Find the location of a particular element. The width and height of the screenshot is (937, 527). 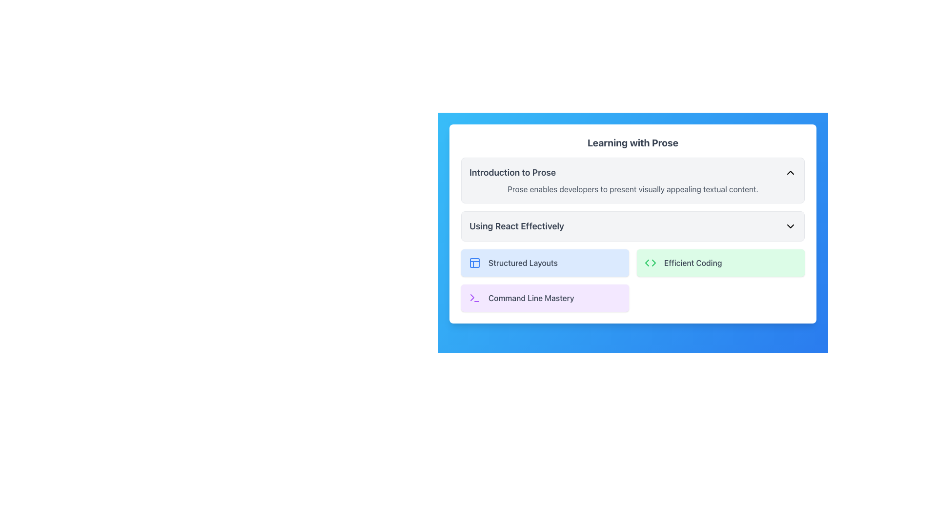

the Text Label displaying 'Command Line Mastery' within the purple rectangular card with rounded borders is located at coordinates (530, 297).